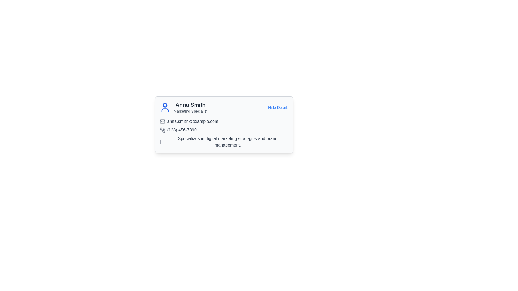 Image resolution: width=518 pixels, height=291 pixels. What do you see at coordinates (193, 122) in the screenshot?
I see `the email address text label in the contact card, which is located beneath the name and job title and to the right of the envelope icon` at bounding box center [193, 122].